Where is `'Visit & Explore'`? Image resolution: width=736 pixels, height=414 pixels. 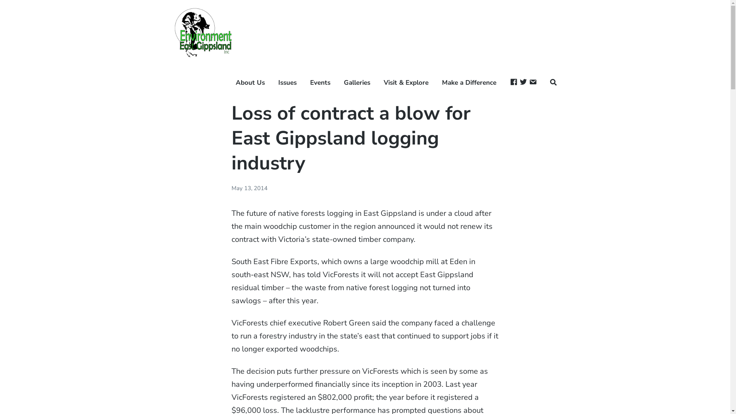 'Visit & Explore' is located at coordinates (406, 83).